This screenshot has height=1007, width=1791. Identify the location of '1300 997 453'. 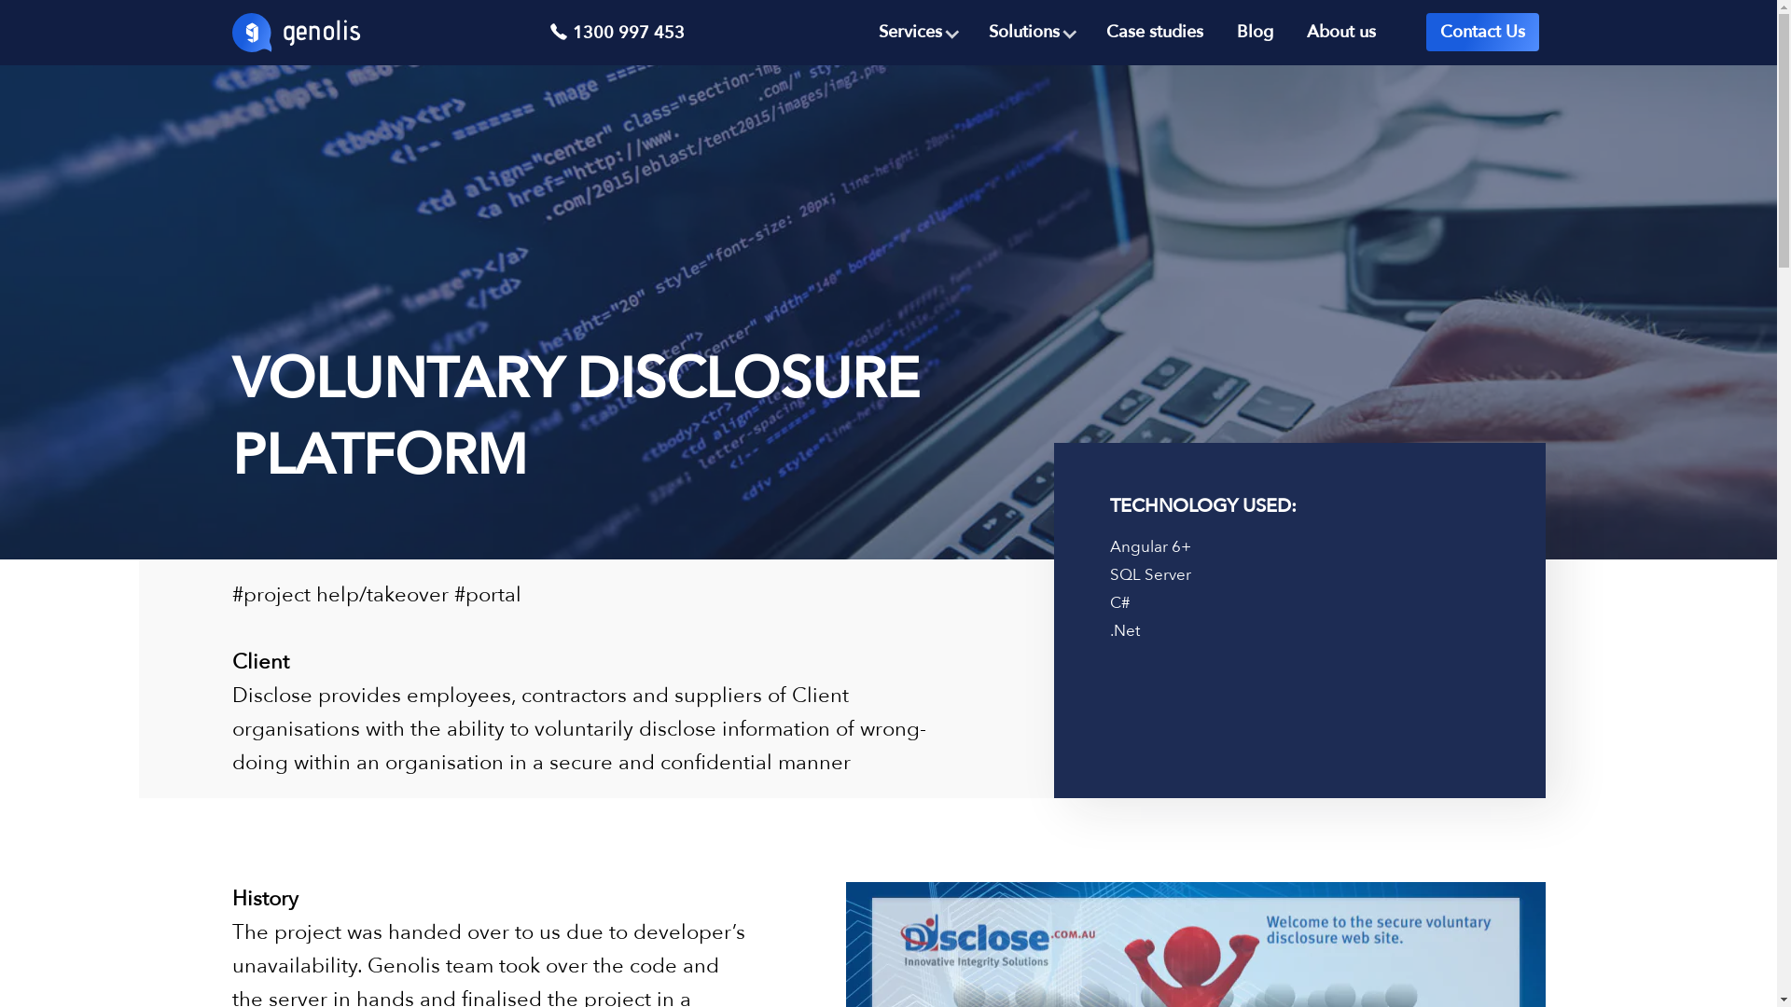
(548, 33).